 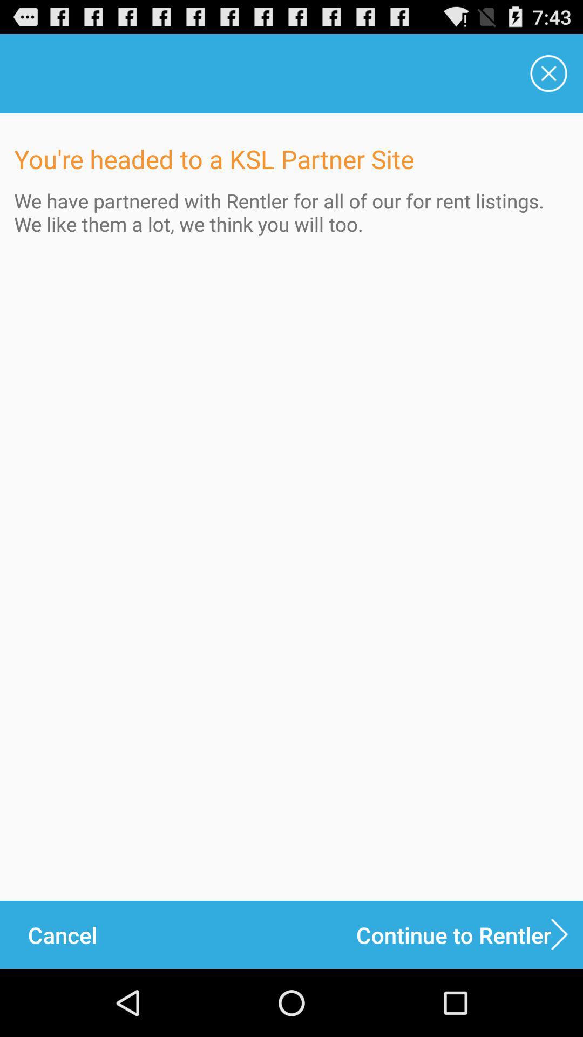 What do you see at coordinates (469, 934) in the screenshot?
I see `icon to the right of the cancel item` at bounding box center [469, 934].